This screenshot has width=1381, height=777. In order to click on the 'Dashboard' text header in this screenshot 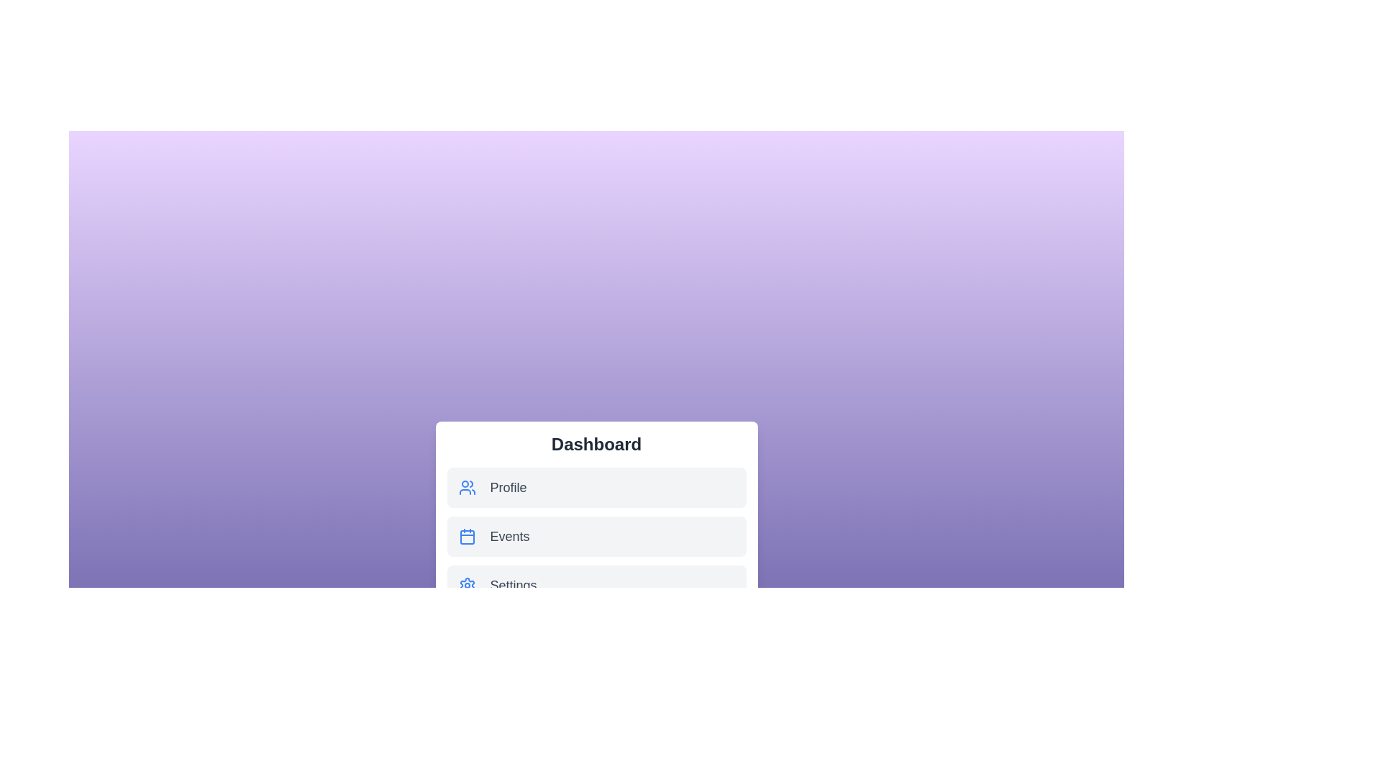, I will do `click(596, 443)`.